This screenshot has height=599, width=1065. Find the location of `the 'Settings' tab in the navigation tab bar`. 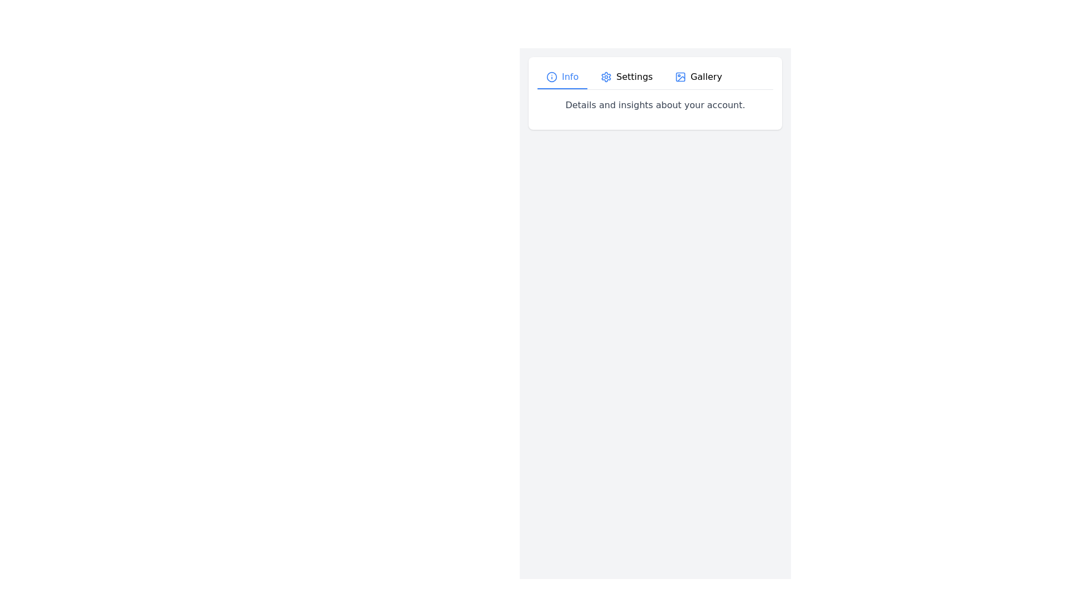

the 'Settings' tab in the navigation tab bar is located at coordinates (655, 77).